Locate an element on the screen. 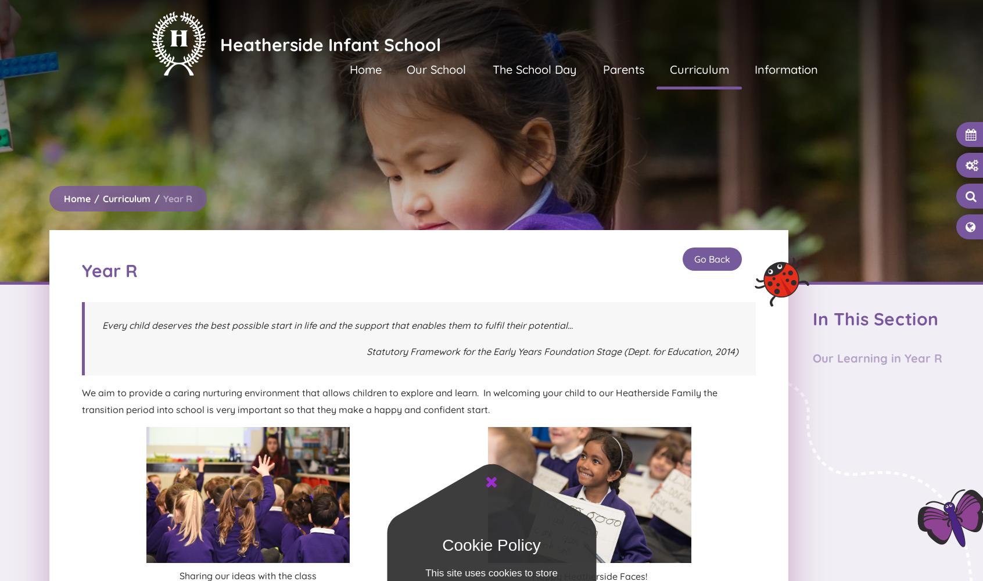  'Information' is located at coordinates (786, 69).